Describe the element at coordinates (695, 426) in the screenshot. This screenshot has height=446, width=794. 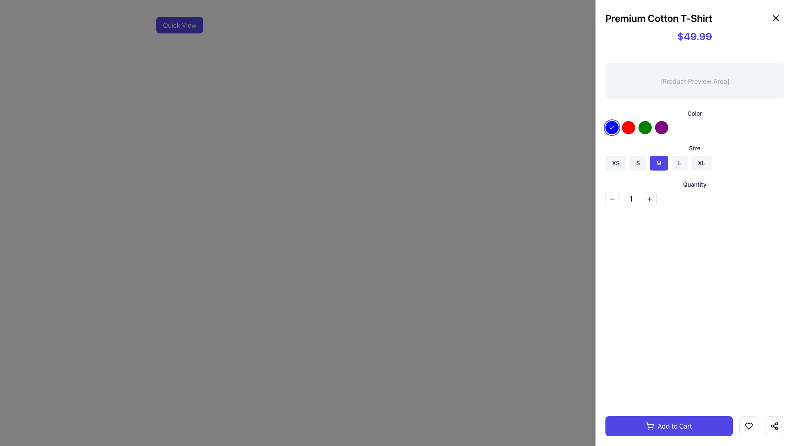
I see `the rectangular 'Add to Cart' button with a bright blue background and rounded corners located in the bottom-right section of the interface` at that location.